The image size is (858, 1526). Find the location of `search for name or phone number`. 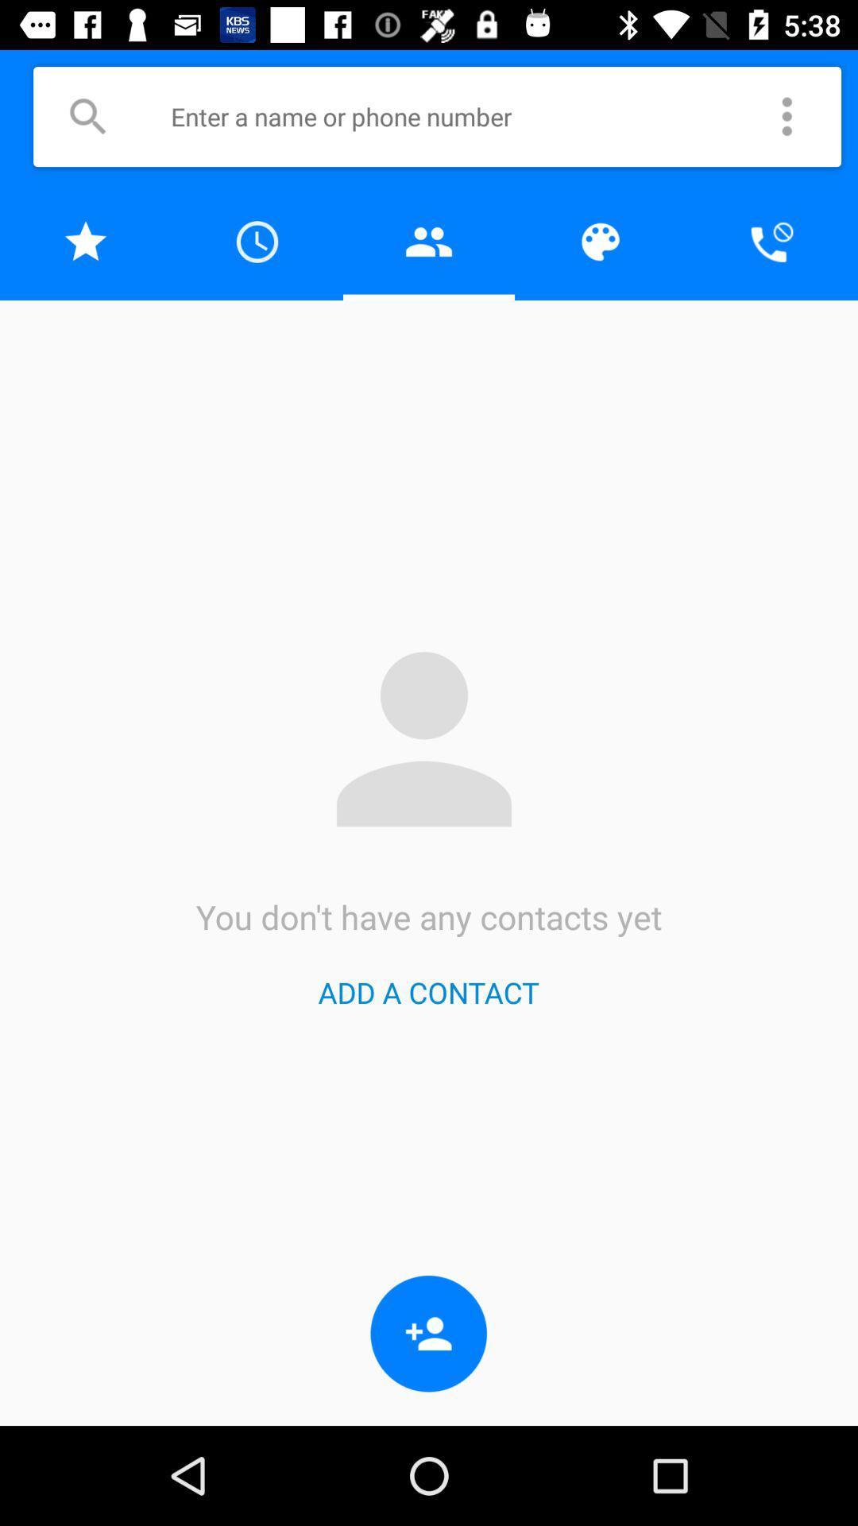

search for name or phone number is located at coordinates (87, 116).